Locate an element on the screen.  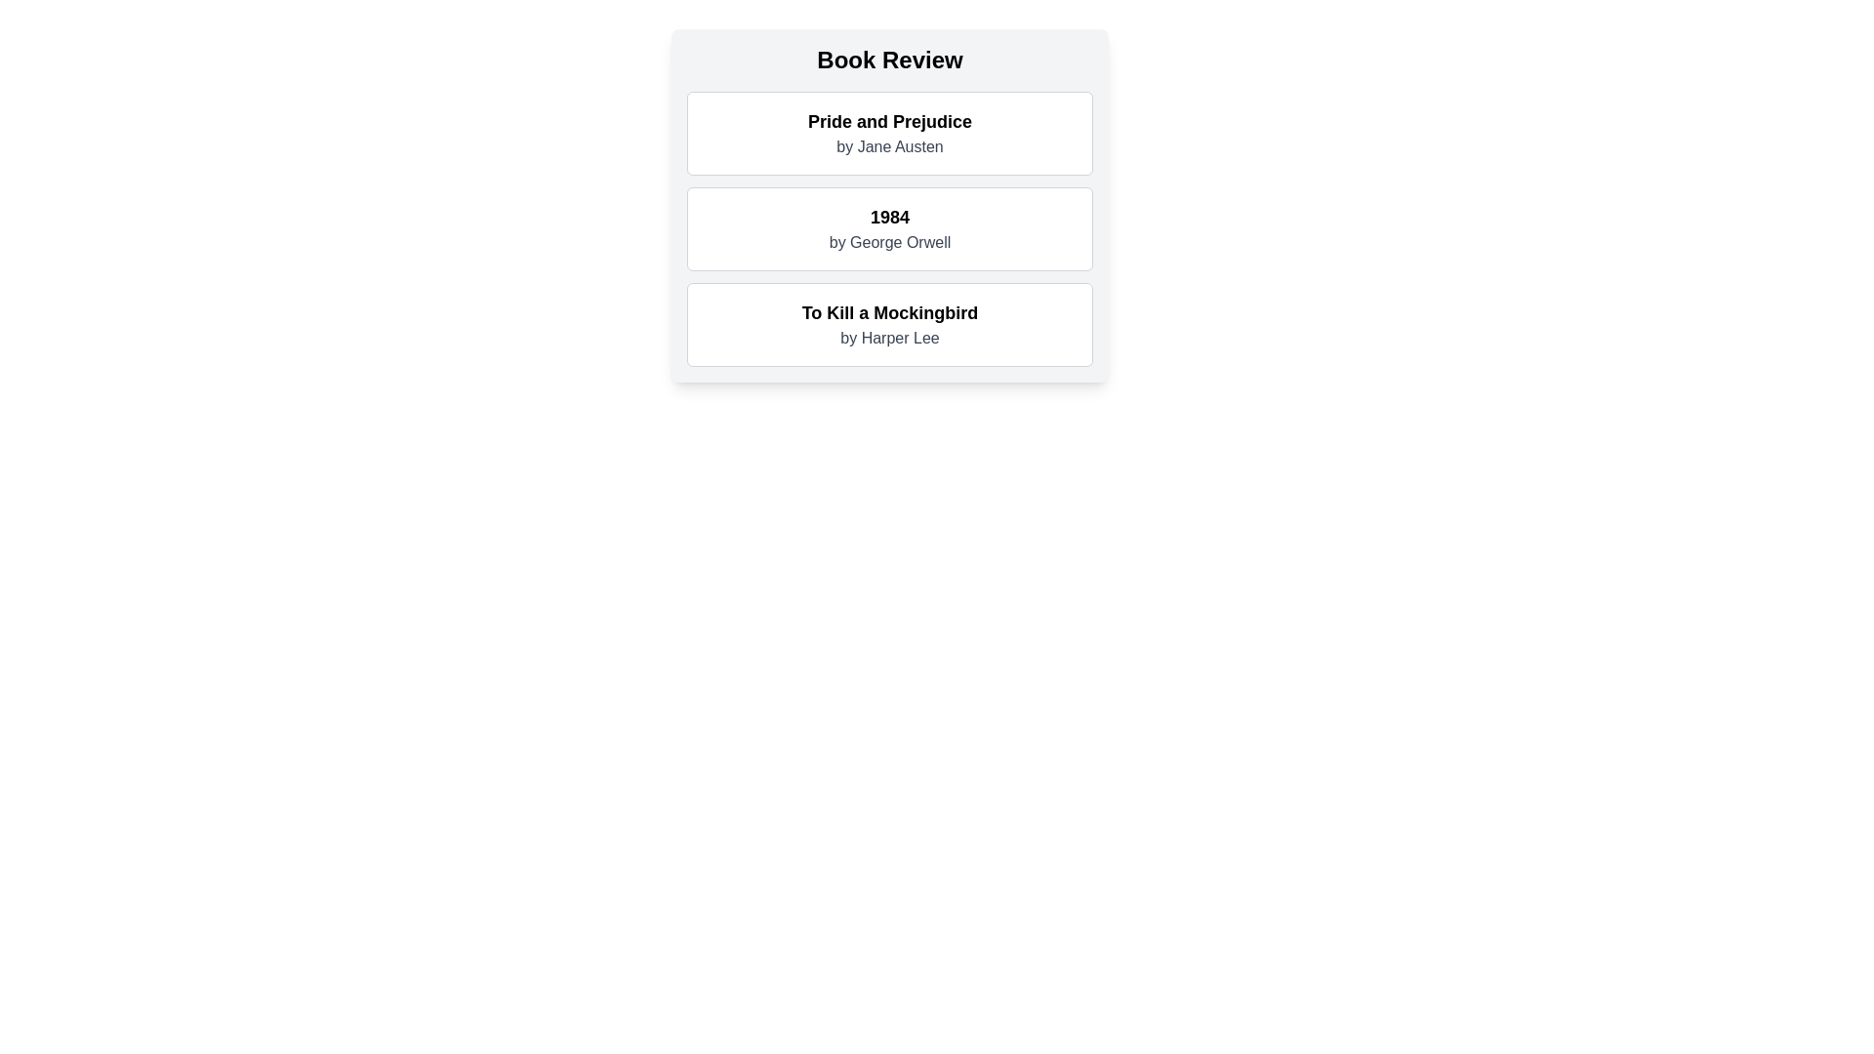
the third Text display card in the vertical list, which displays a book entry, positioned below '1984 by George Orwell' is located at coordinates (889, 323).